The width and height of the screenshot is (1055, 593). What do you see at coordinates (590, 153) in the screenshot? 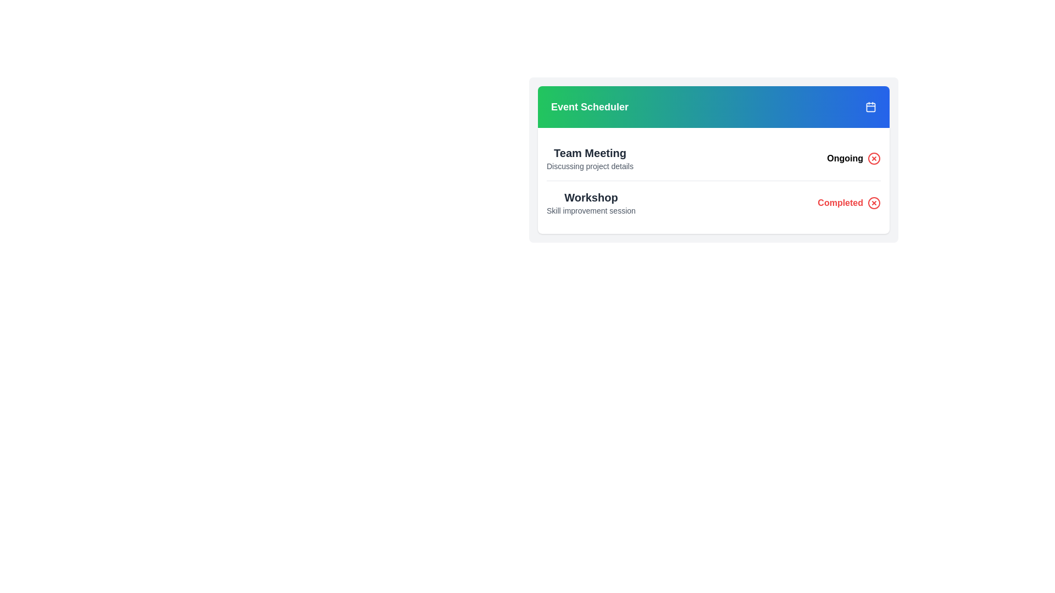
I see `the text element displaying 'Team Meeting' in bold, large dark gray font, located above the description text 'Discussing project details' in the event scheduler list` at bounding box center [590, 153].